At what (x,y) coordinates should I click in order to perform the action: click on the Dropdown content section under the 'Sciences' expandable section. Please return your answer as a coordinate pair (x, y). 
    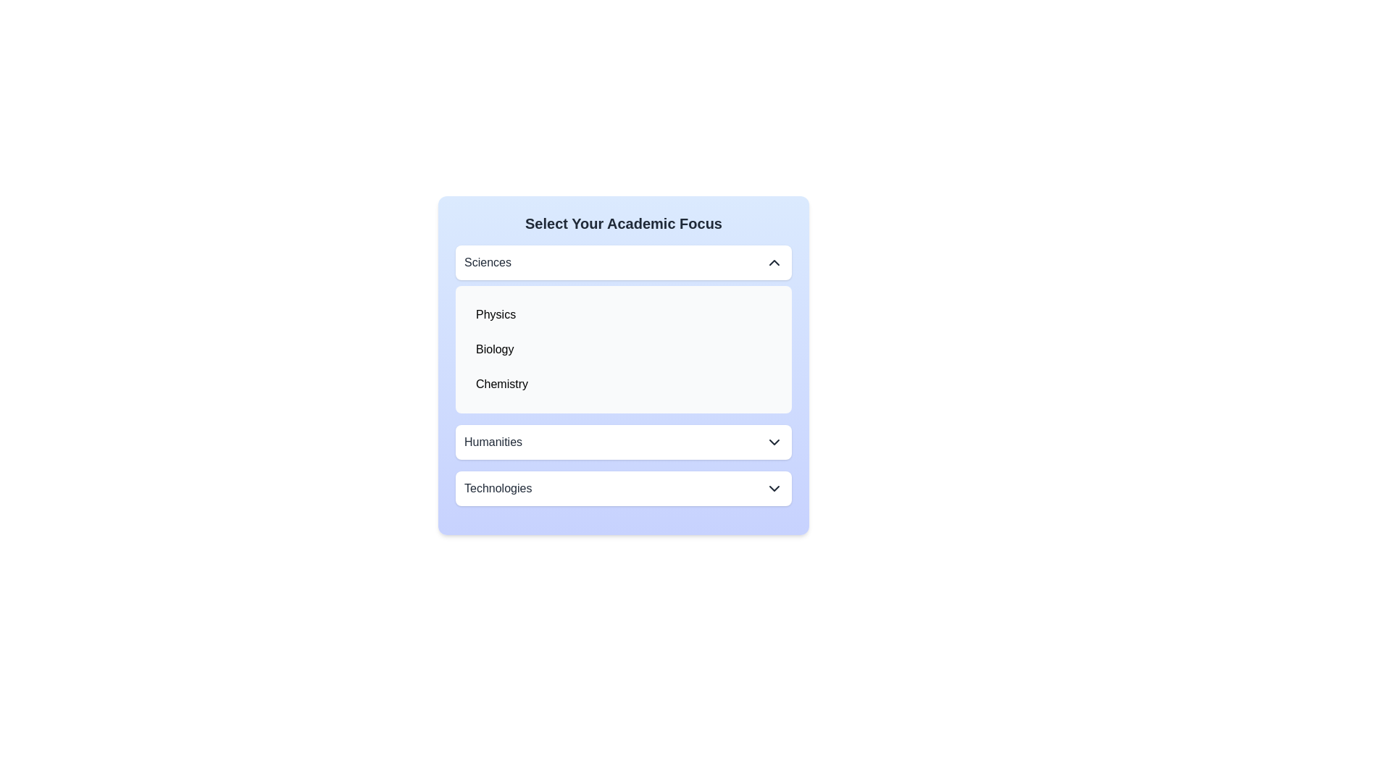
    Looking at the image, I should click on (623, 329).